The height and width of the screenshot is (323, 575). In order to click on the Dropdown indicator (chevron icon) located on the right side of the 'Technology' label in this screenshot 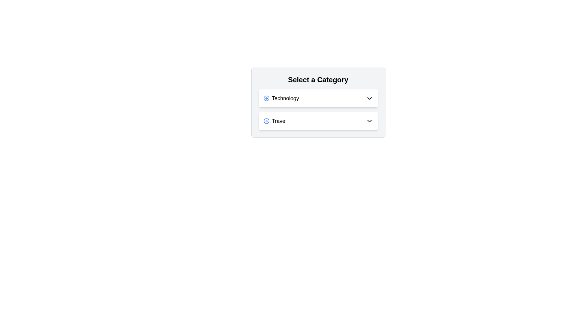, I will do `click(369, 98)`.